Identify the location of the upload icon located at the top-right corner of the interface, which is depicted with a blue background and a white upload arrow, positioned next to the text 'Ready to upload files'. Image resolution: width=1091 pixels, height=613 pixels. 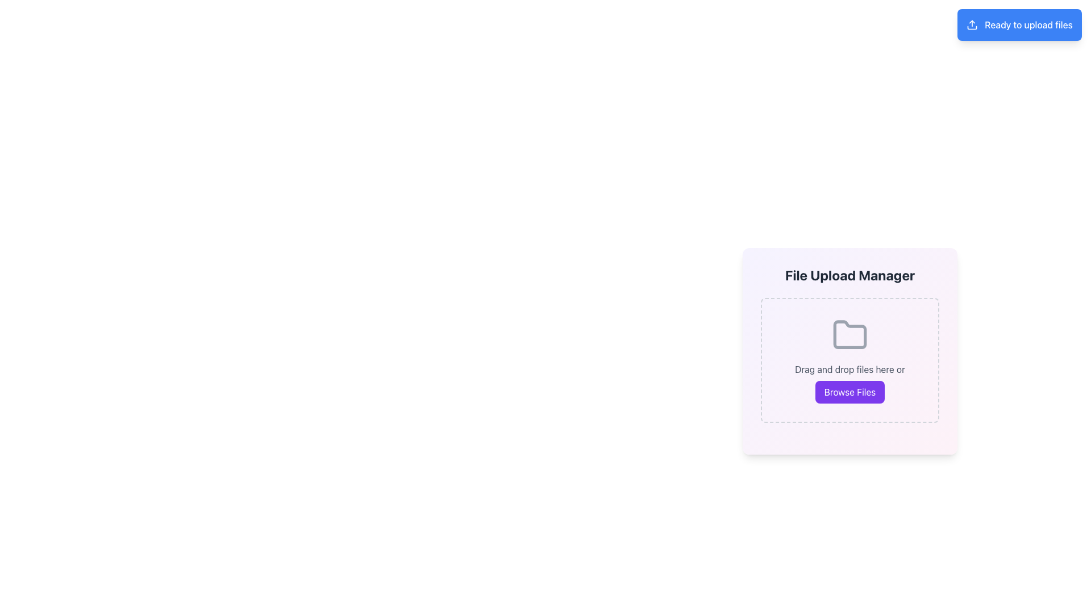
(972, 24).